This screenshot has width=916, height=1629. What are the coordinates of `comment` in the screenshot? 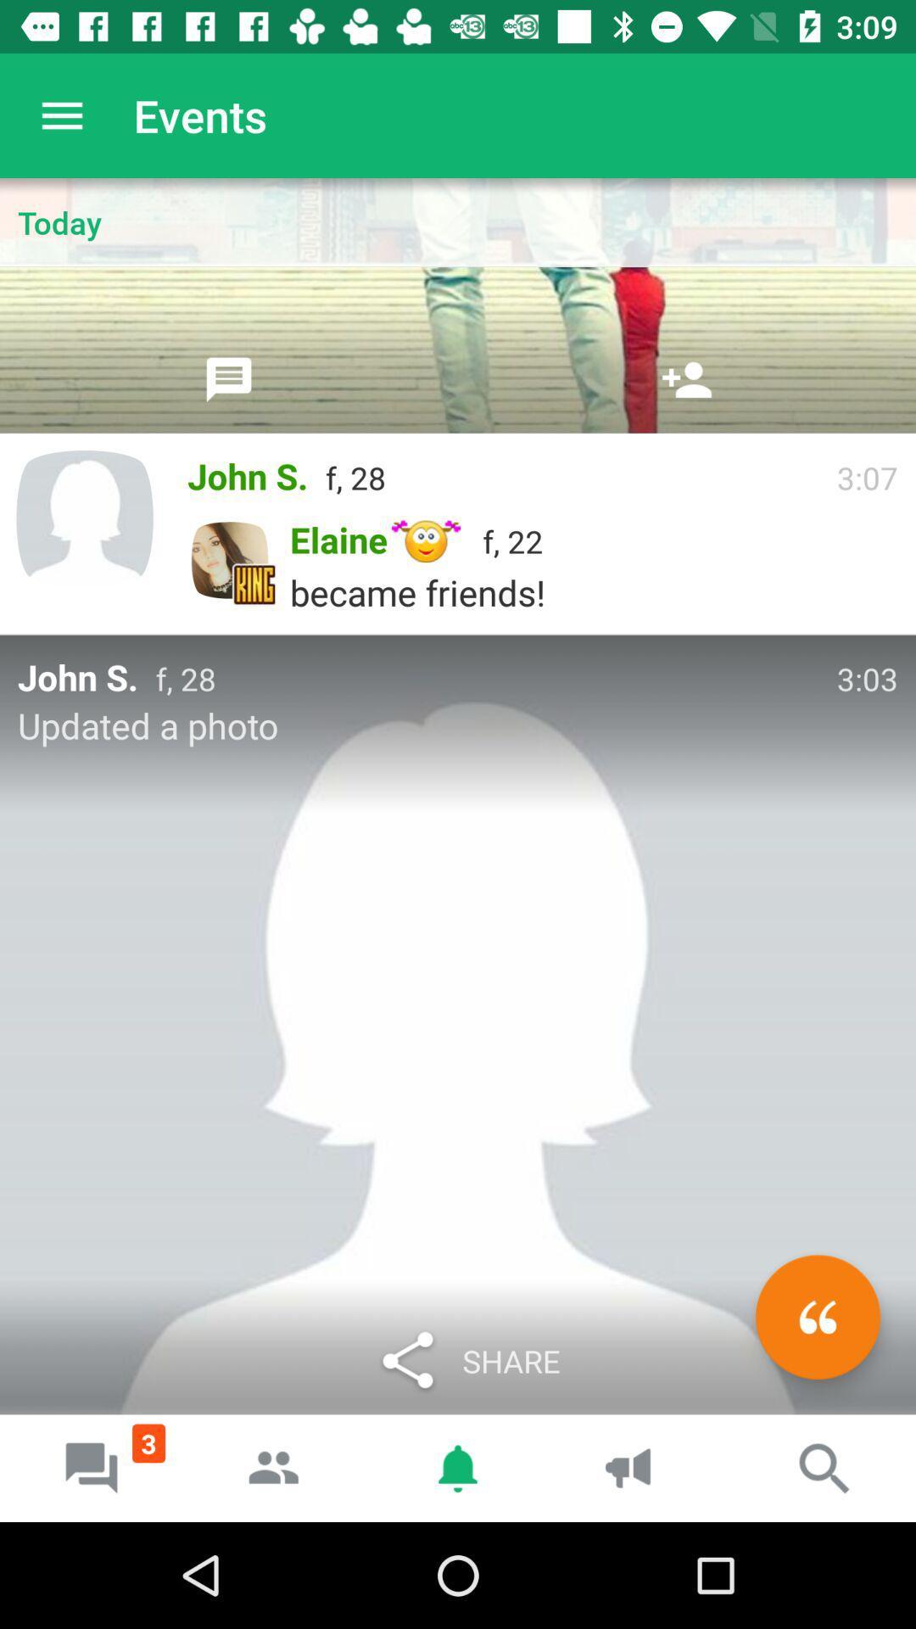 It's located at (229, 378).